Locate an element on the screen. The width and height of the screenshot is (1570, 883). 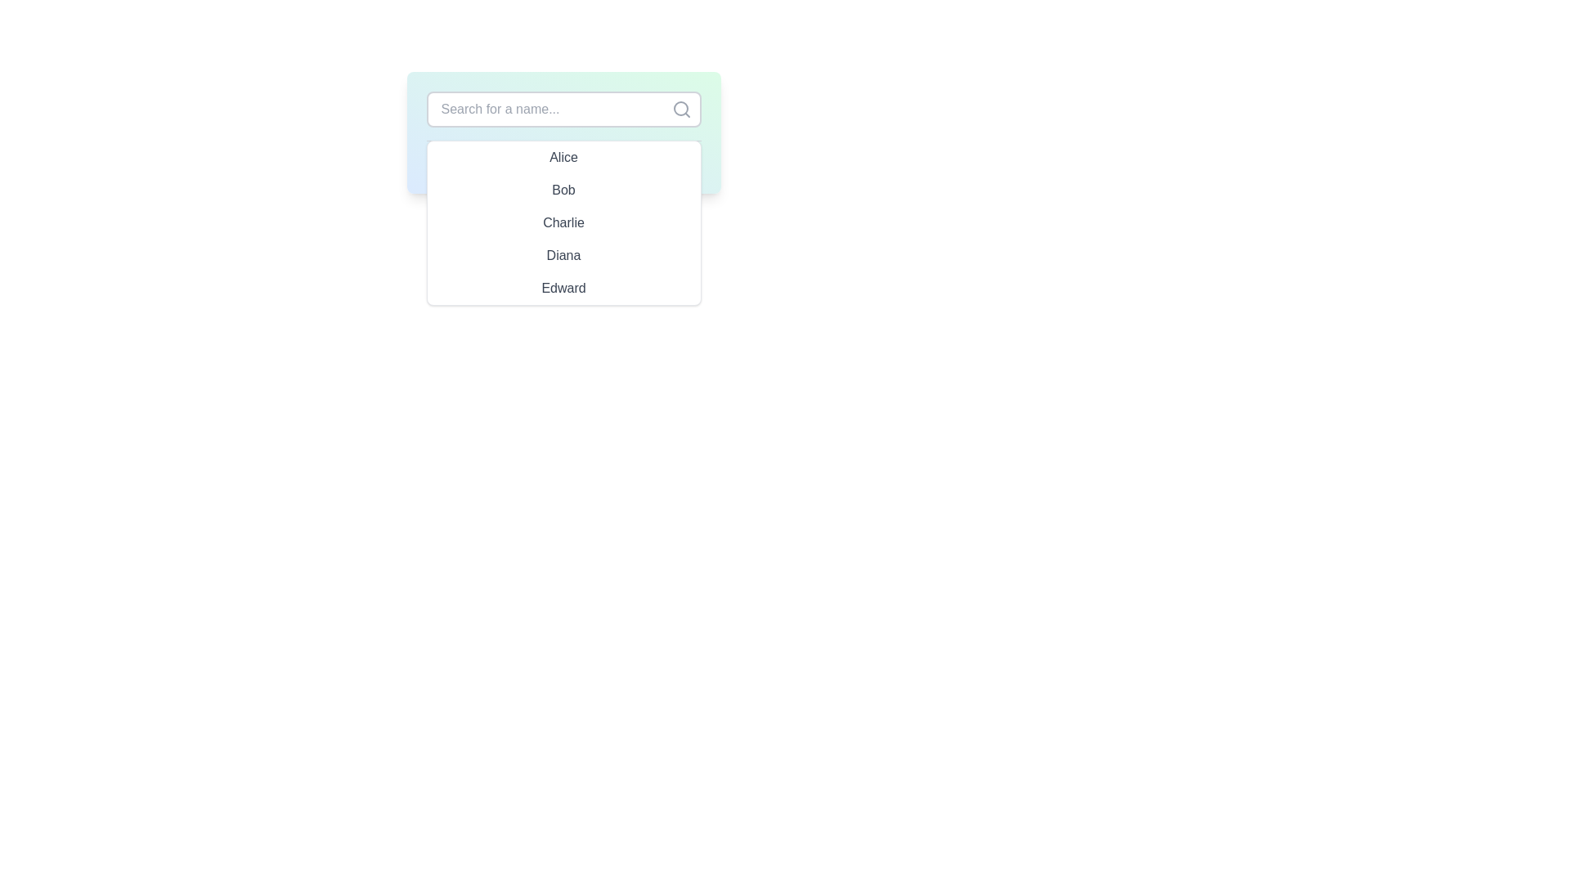
the SVG Circle element that represents the magnifying glass lens in the search icon, located at the end of the input field with placeholder text 'Search for a name...' is located at coordinates (680, 108).